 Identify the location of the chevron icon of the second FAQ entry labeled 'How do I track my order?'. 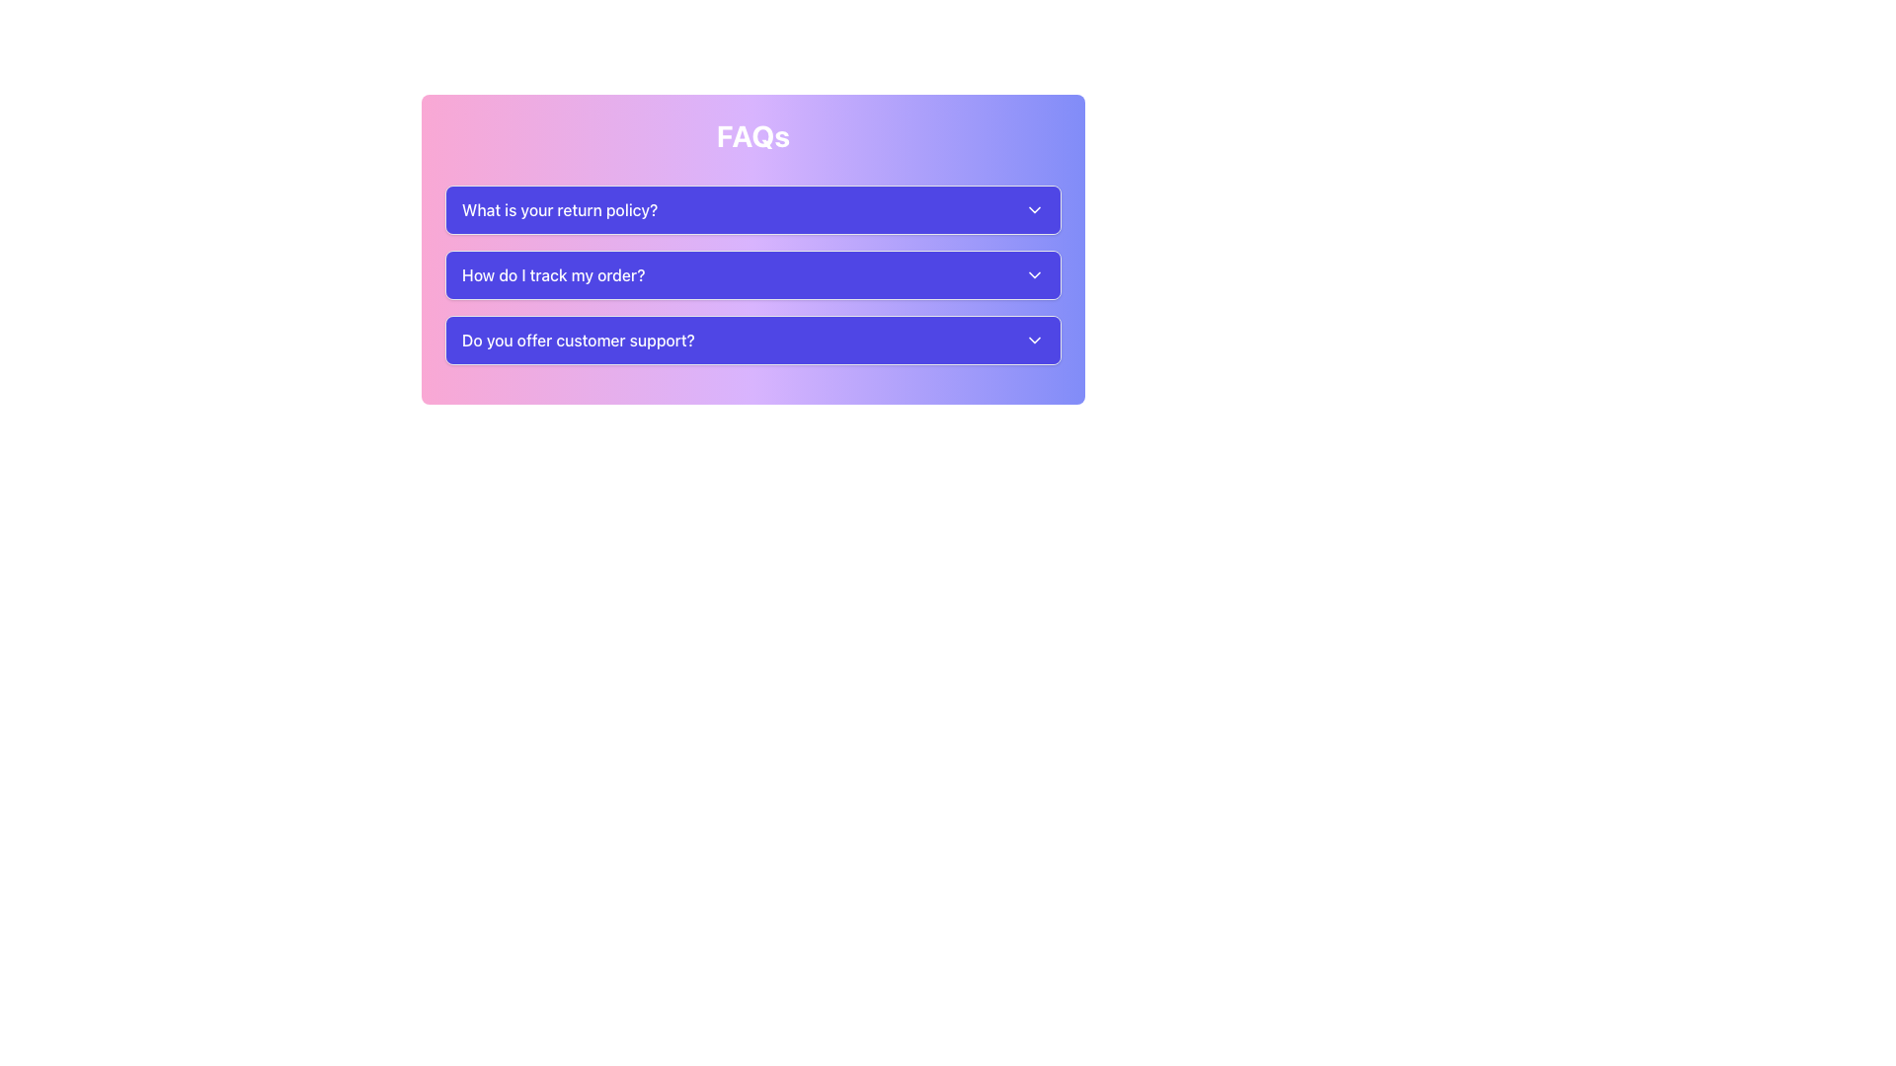
(1033, 274).